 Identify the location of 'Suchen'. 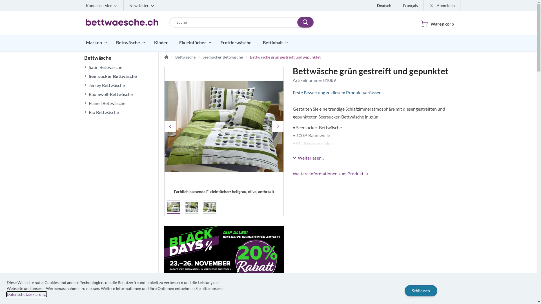
(305, 22).